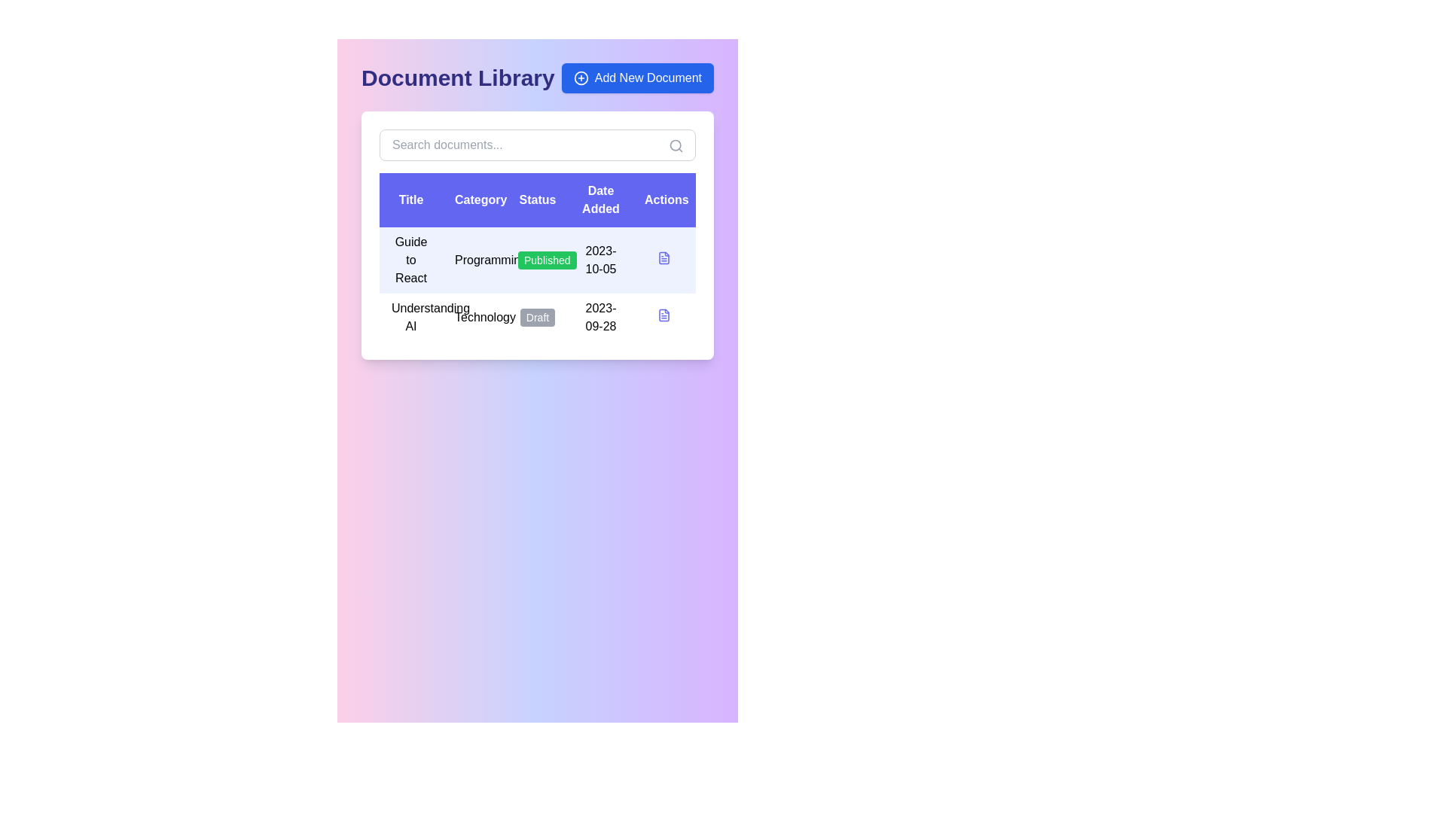 The width and height of the screenshot is (1446, 813). Describe the element at coordinates (599, 199) in the screenshot. I see `the static text label displaying 'Date Added', which is styled in bold white font on a purple background and is located in the fourth column of the header row of the table` at that location.